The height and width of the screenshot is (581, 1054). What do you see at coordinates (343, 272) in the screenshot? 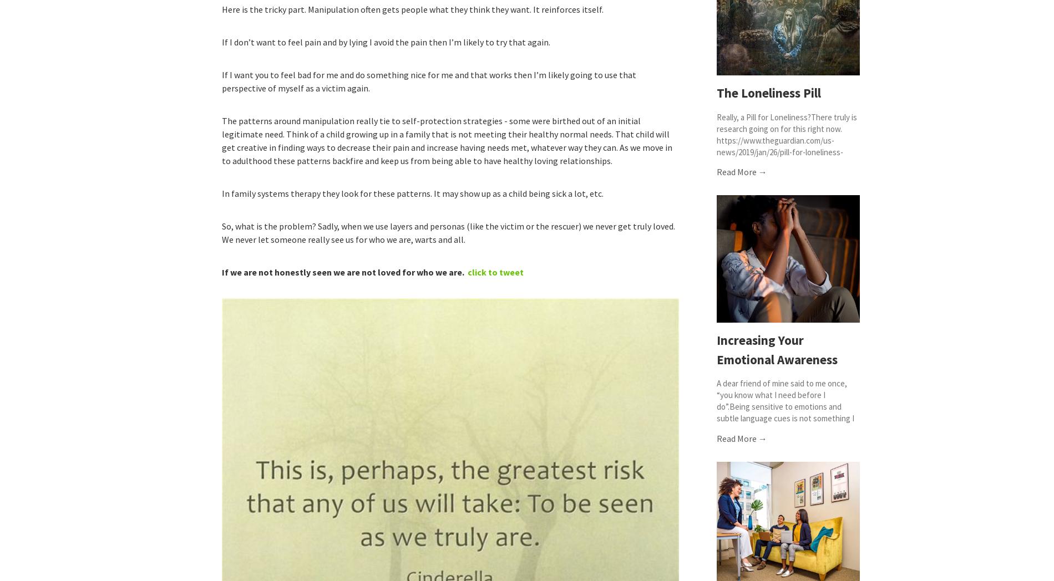
I see `'If we are not honestly seen we are not loved for who we are.'` at bounding box center [343, 272].